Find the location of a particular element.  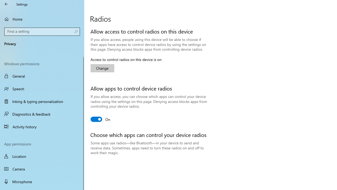

'Inking & typing personalization' is located at coordinates (42, 101).